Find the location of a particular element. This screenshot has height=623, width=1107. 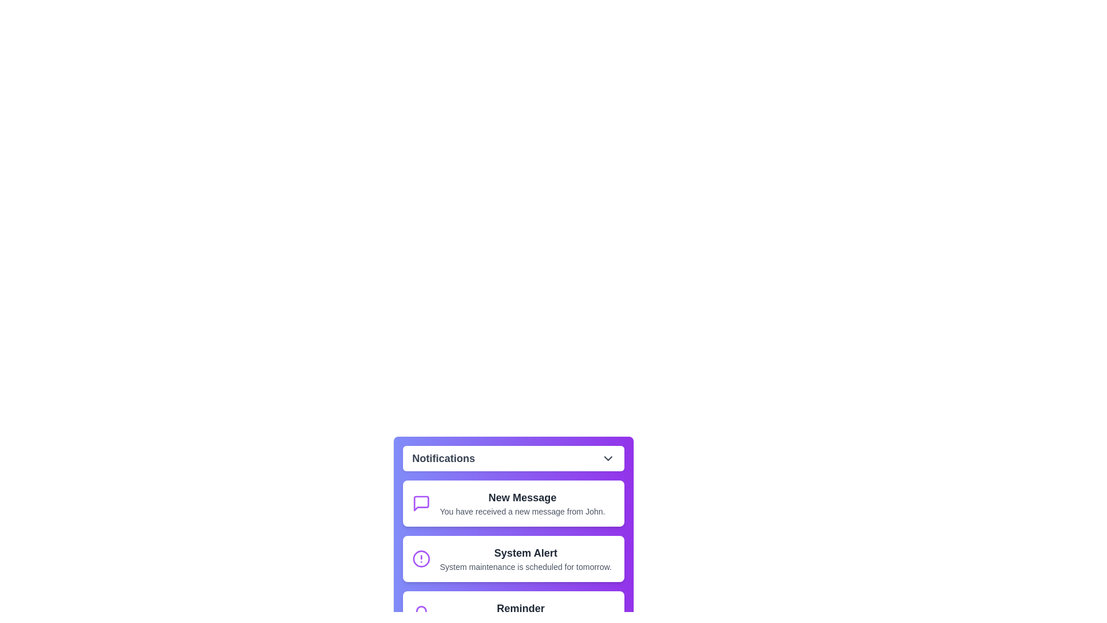

the icon of the notification item corresponding to System Alert is located at coordinates (420, 558).